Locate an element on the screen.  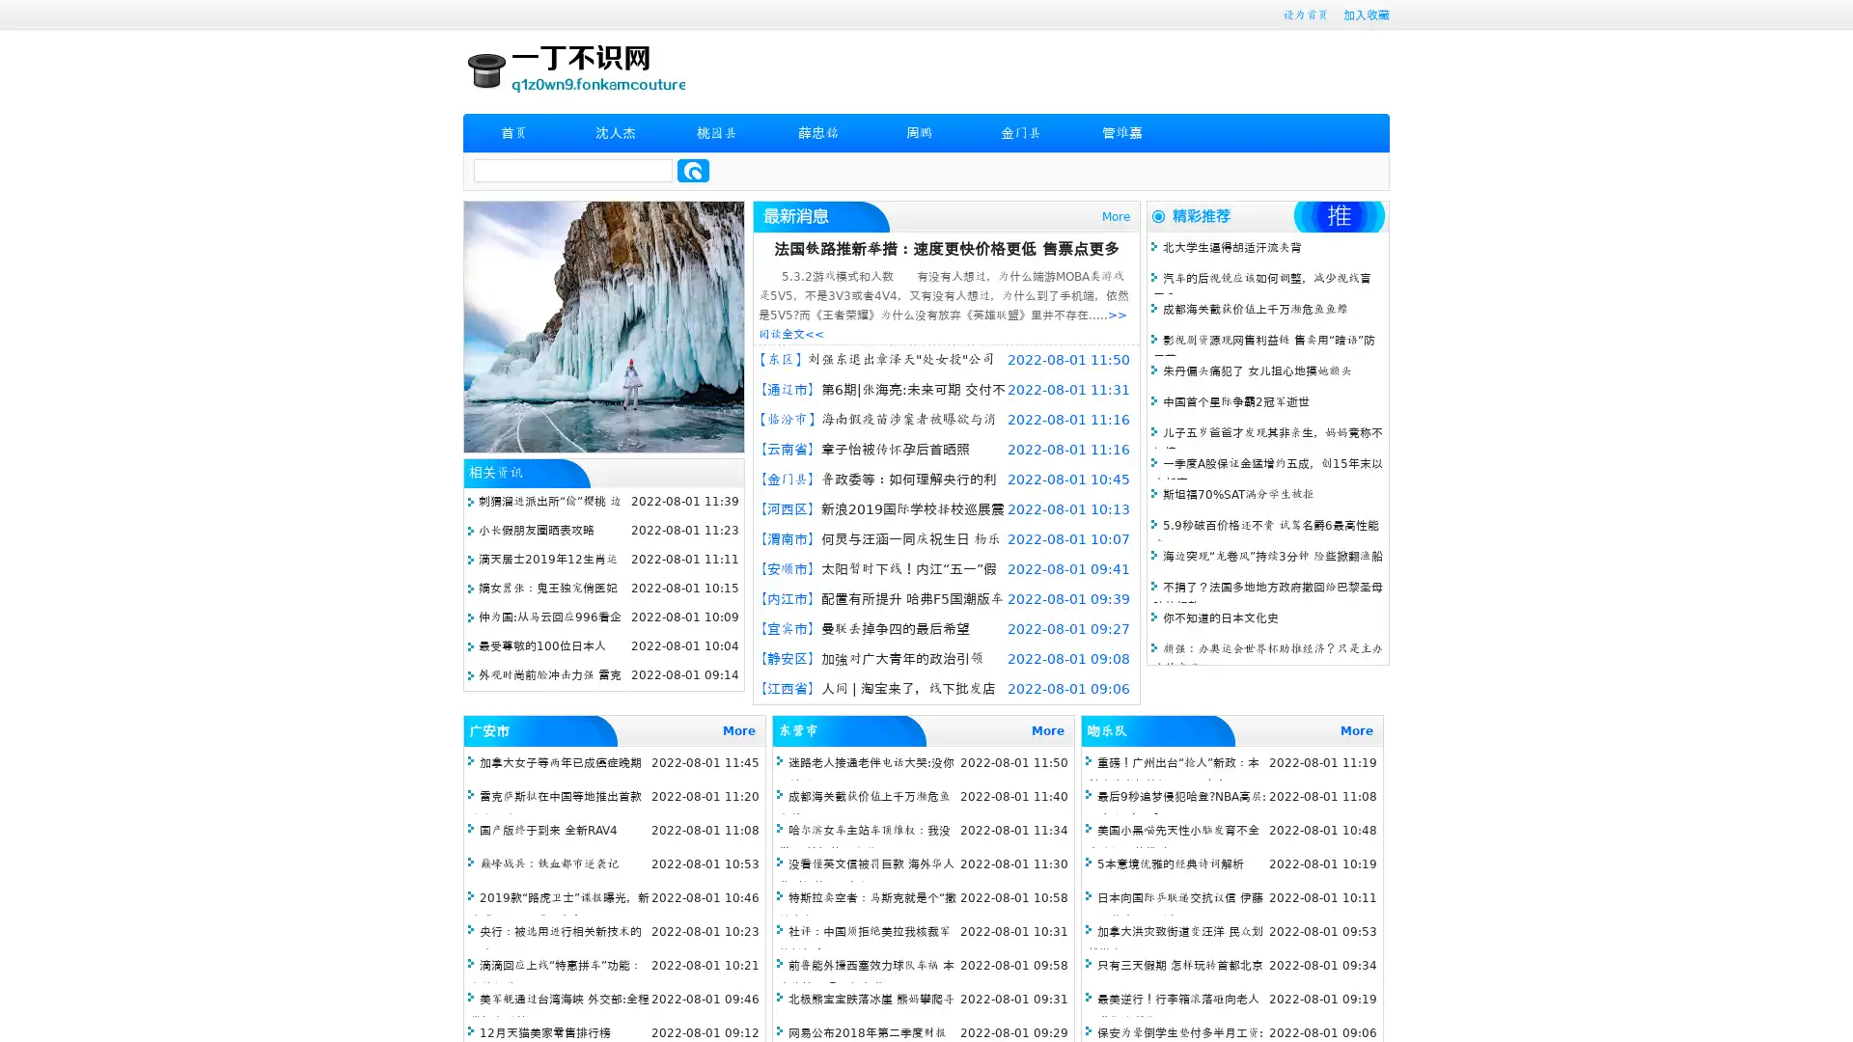
Search is located at coordinates (693, 170).